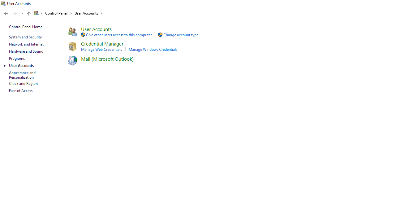 This screenshot has width=396, height=223. Describe the element at coordinates (107, 59) in the screenshot. I see `'Mail (Microsoft Outlook)'` at that location.